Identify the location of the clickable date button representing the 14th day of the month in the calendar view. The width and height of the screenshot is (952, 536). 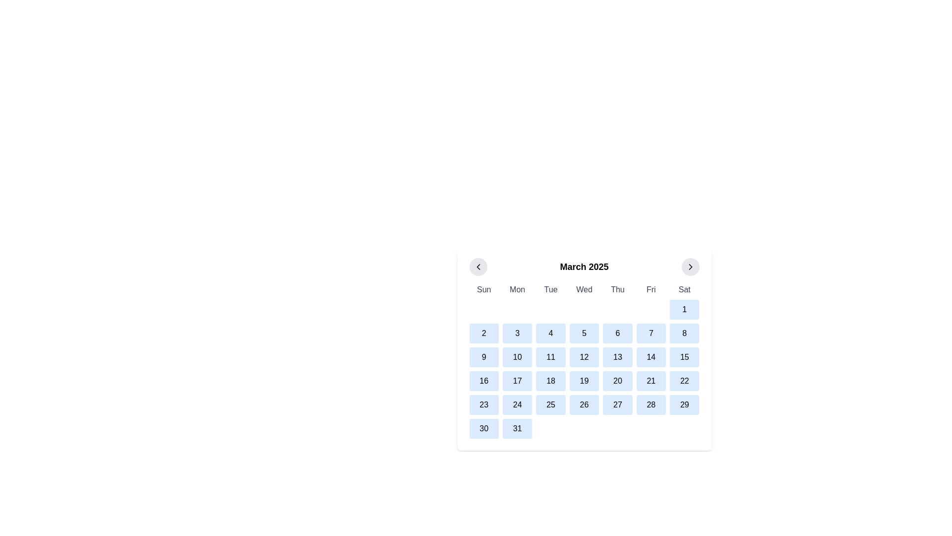
(651, 357).